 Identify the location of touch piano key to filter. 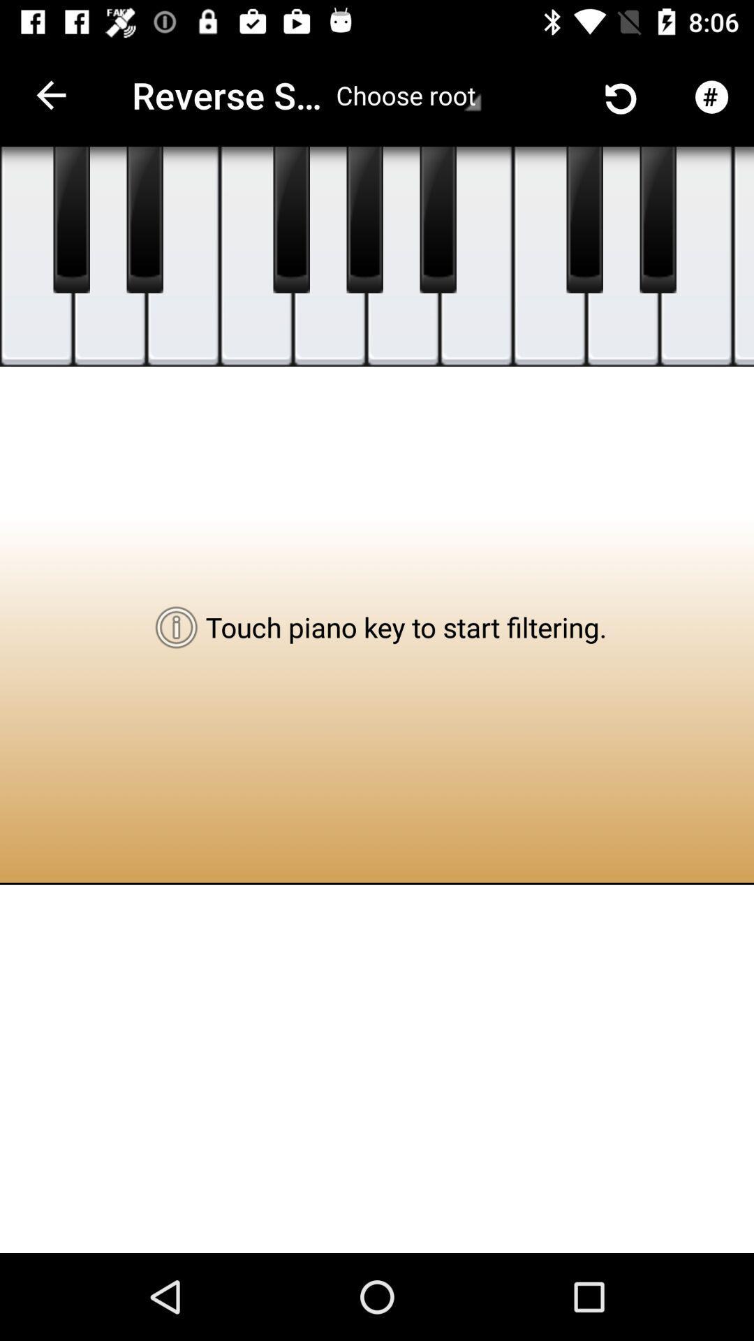
(109, 256).